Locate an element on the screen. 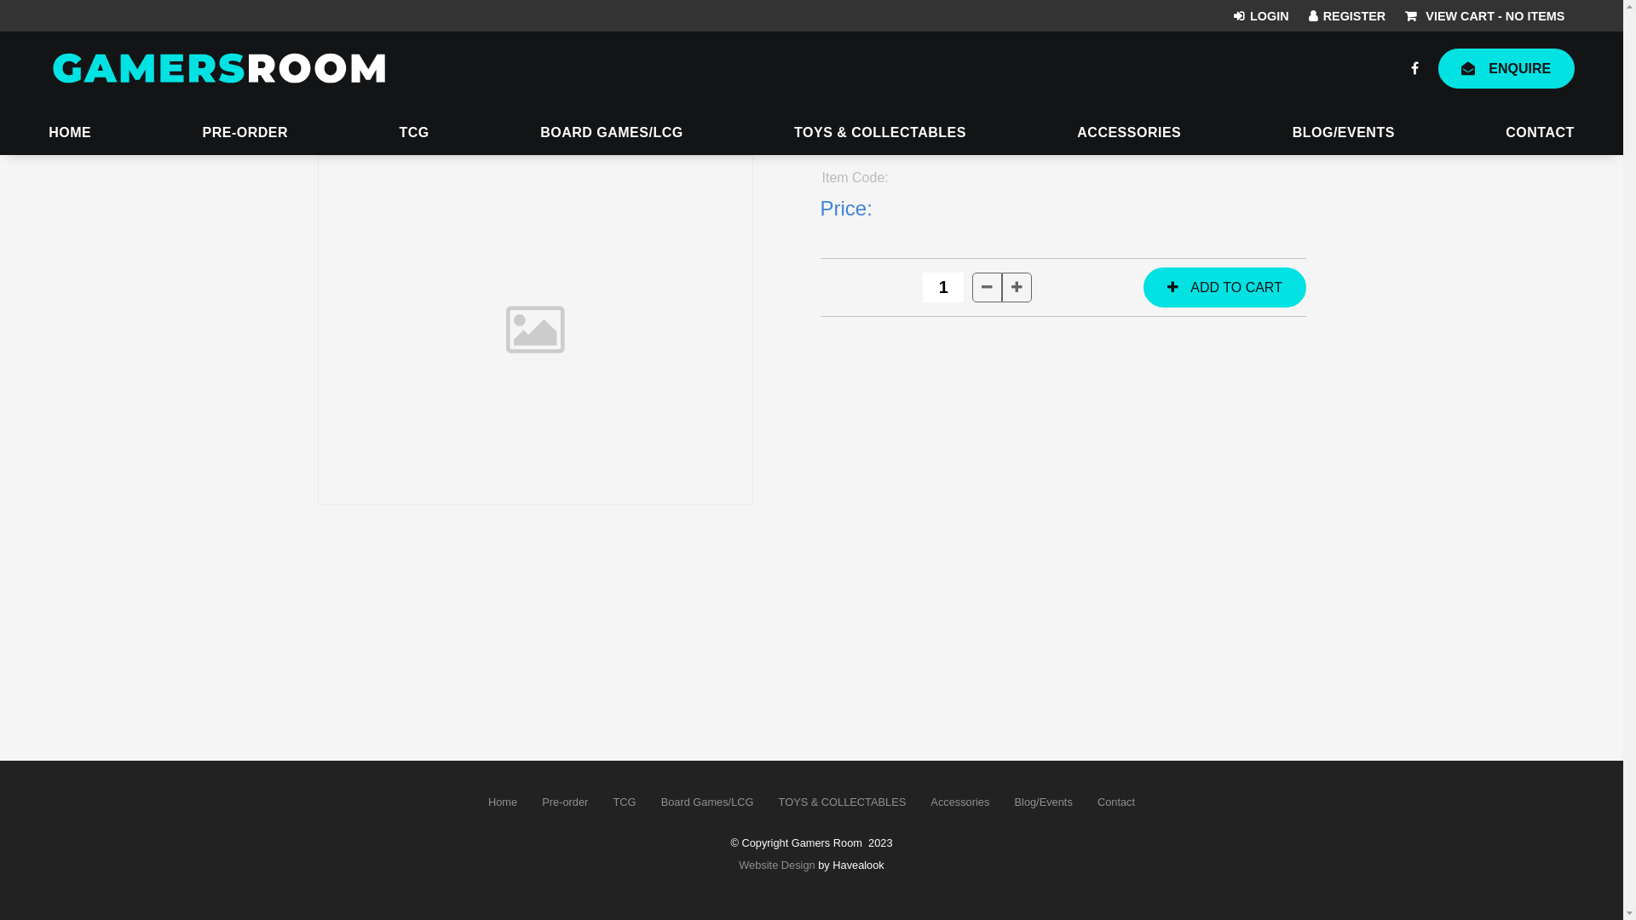 This screenshot has width=1636, height=920. 'Board Games/LCG' is located at coordinates (707, 802).